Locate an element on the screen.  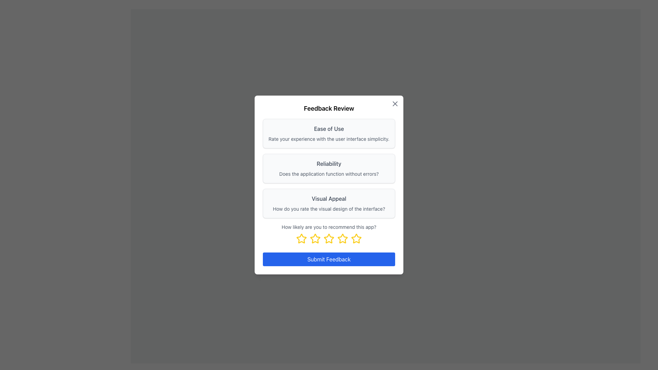
the close 'X' icon located in the top-right corner of the feedback review dialog box is located at coordinates (395, 104).